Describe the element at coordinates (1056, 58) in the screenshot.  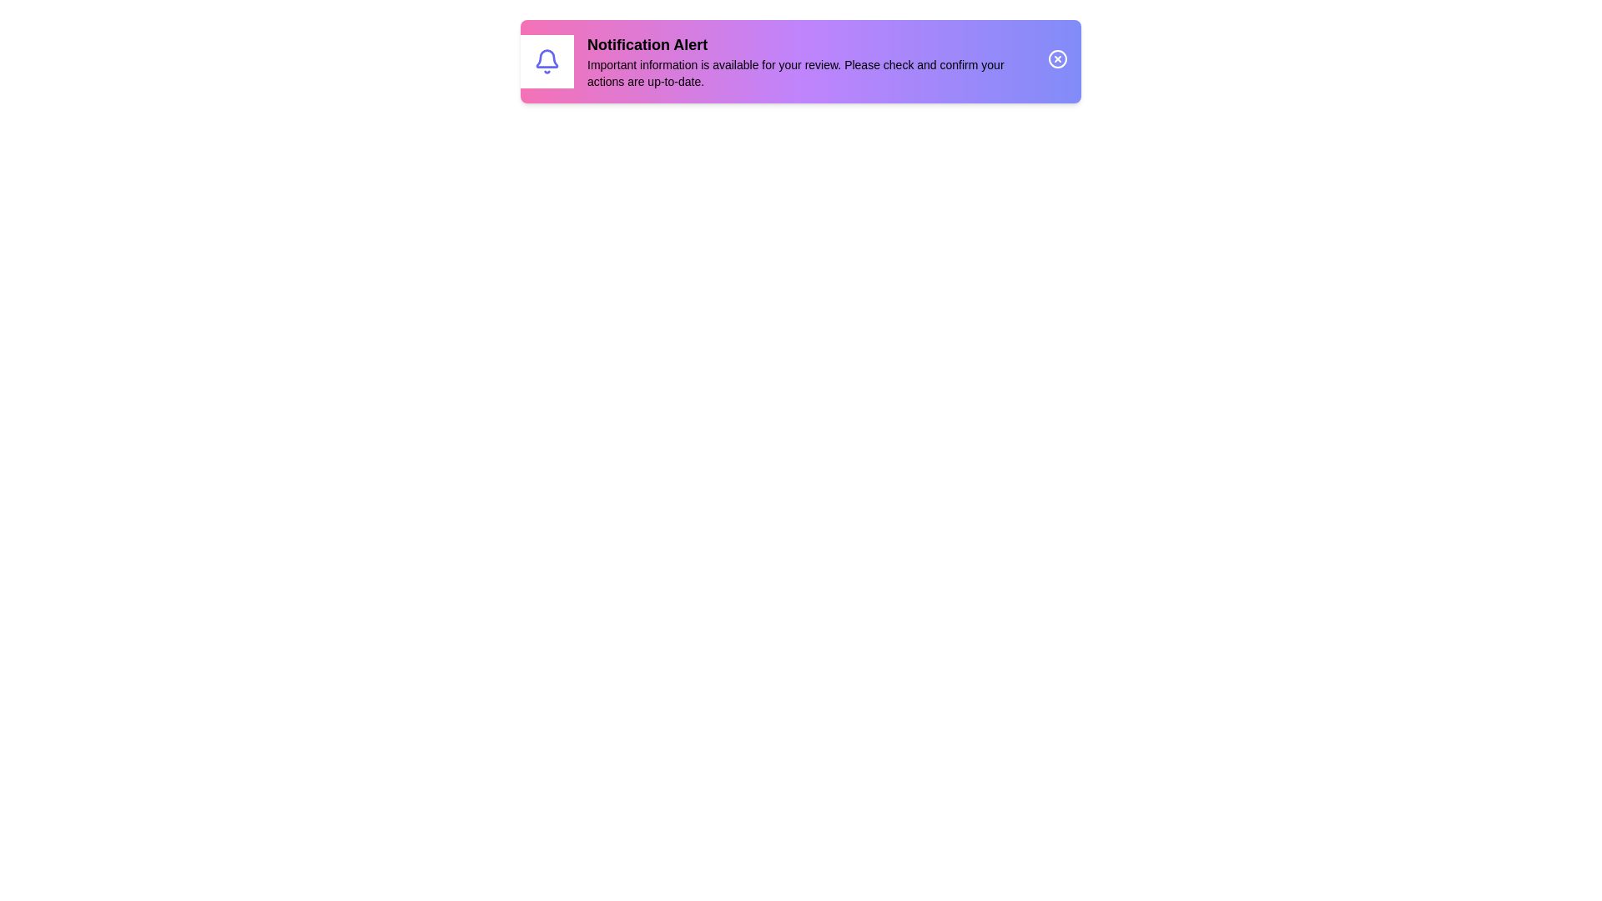
I see `the close icon to dismiss the notification` at that location.